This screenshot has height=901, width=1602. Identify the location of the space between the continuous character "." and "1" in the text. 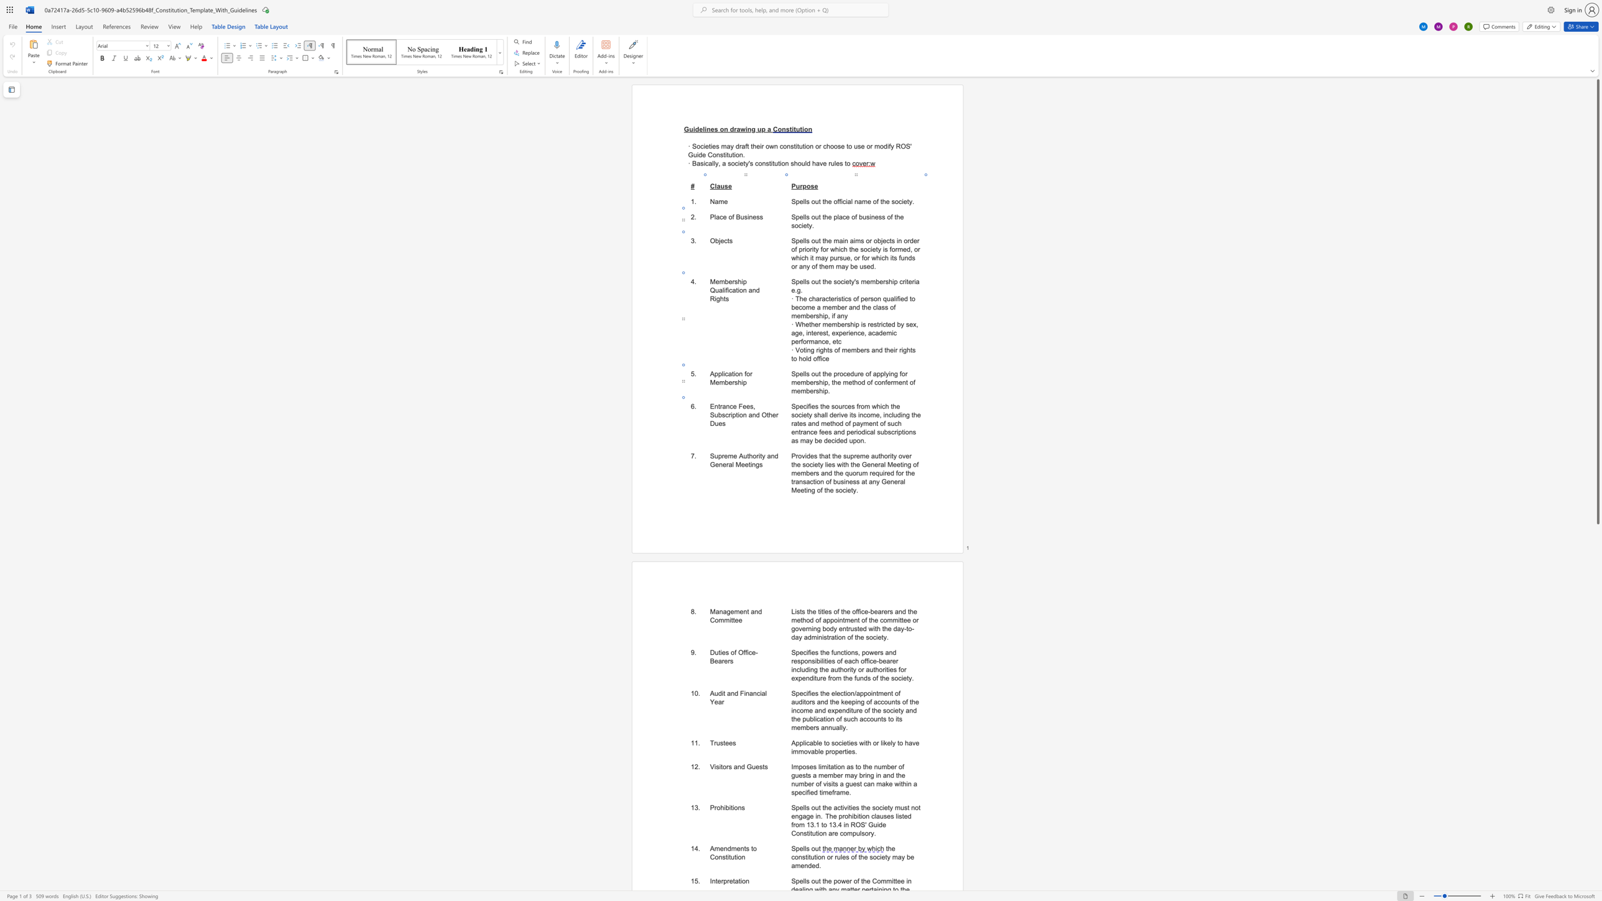
(816, 824).